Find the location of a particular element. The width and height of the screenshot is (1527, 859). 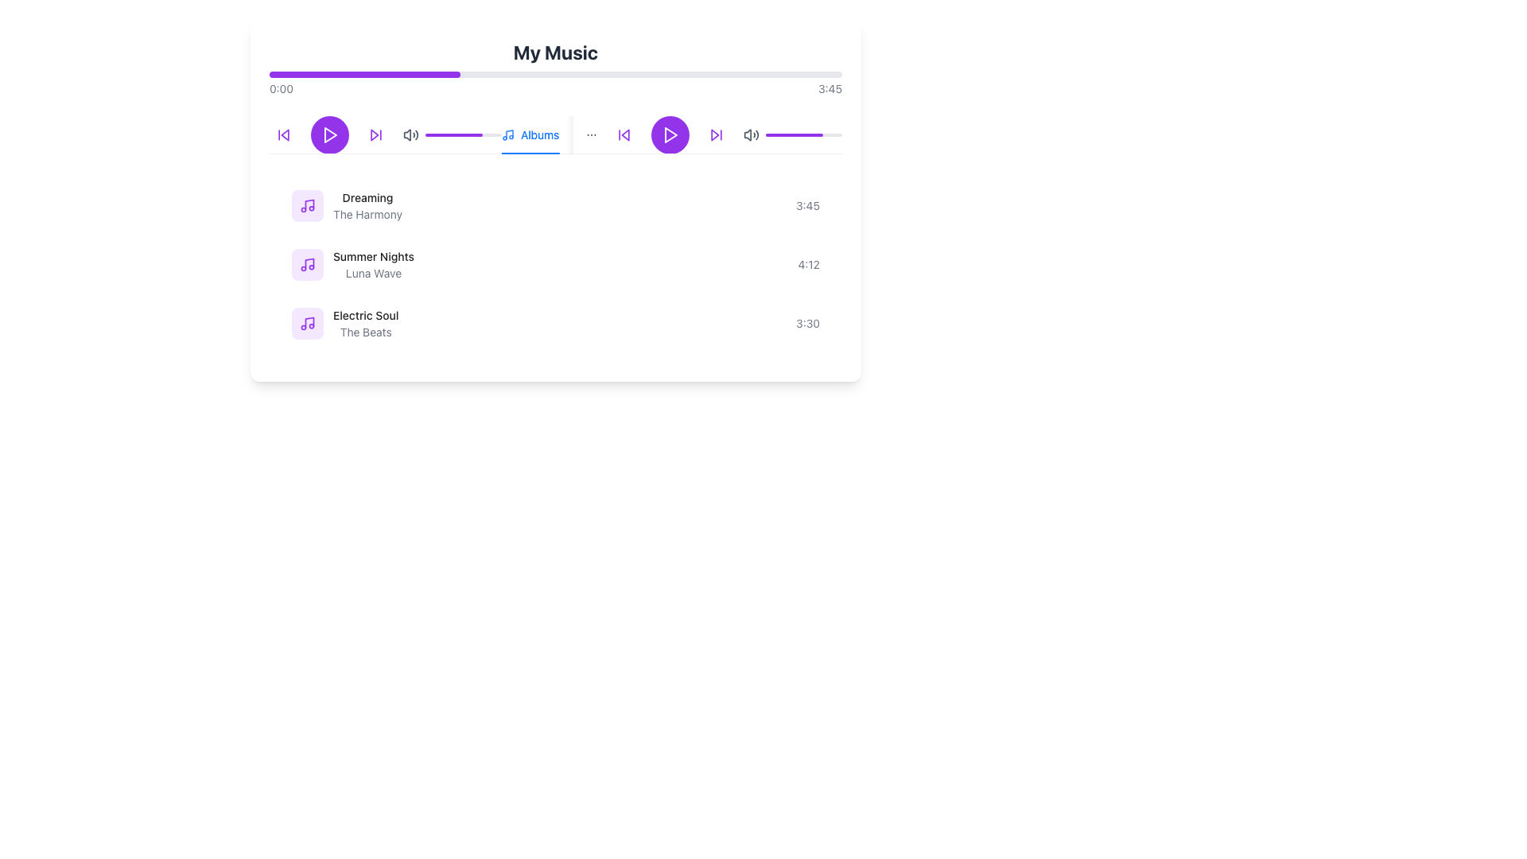

the backward skip button located in the upper section of the interface, to the left of the large play button is located at coordinates (624, 134).